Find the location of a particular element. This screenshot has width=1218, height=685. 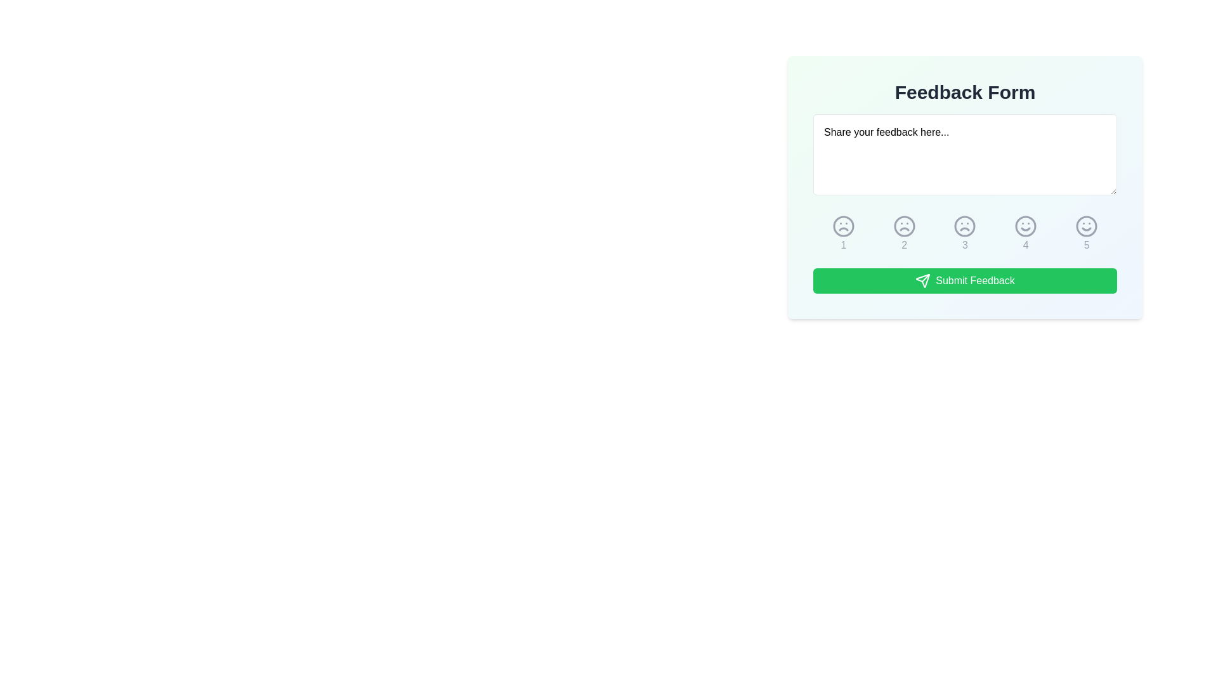

the smiley face icon representing an emotional rating of 4, which is the fourth icon in a horizontal row of five, located above the label '4' is located at coordinates (1026, 226).